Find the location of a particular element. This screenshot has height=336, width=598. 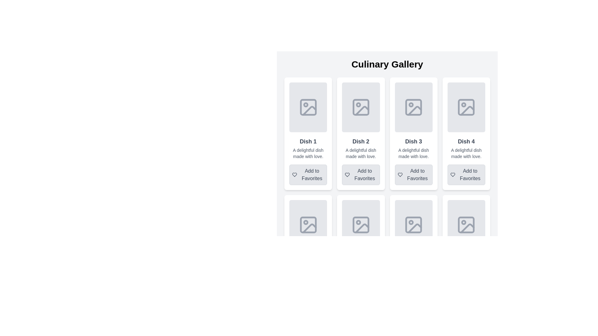

the image placeholder element located in the top portion of the 'Dish 5' card, which is positioned centrally above the card's title is located at coordinates (308, 225).